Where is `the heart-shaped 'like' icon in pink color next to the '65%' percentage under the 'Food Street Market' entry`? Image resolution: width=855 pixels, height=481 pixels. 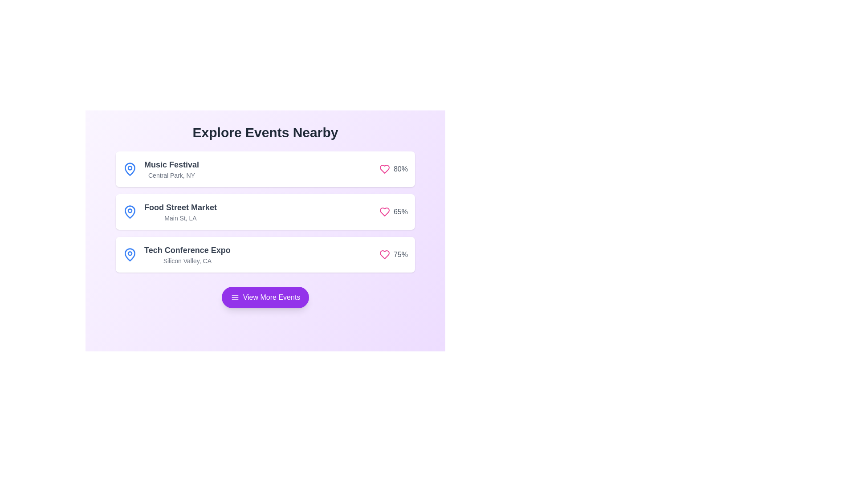 the heart-shaped 'like' icon in pink color next to the '65%' percentage under the 'Food Street Market' entry is located at coordinates (385, 212).